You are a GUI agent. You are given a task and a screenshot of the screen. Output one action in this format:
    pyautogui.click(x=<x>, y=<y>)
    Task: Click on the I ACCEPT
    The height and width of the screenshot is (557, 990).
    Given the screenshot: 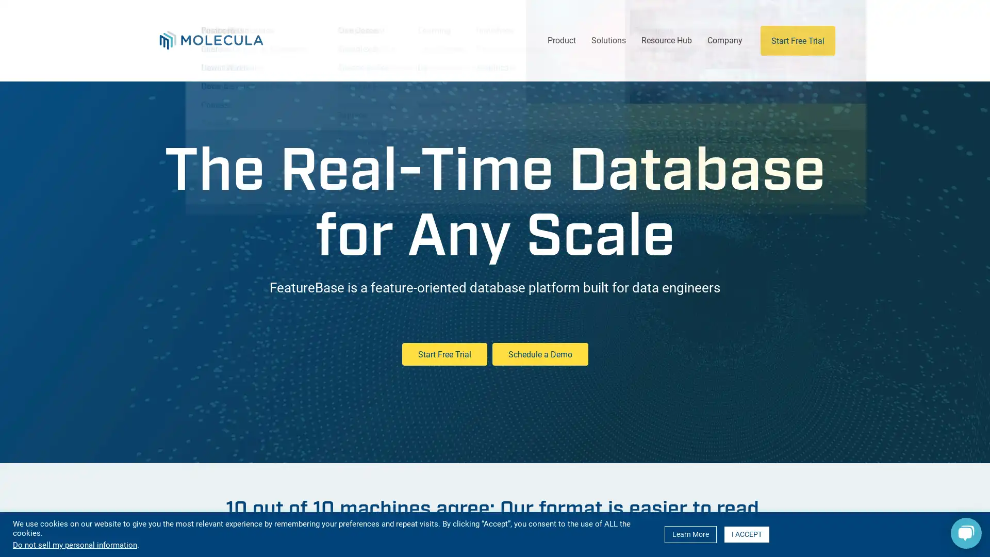 What is the action you would take?
    pyautogui.click(x=747, y=534)
    